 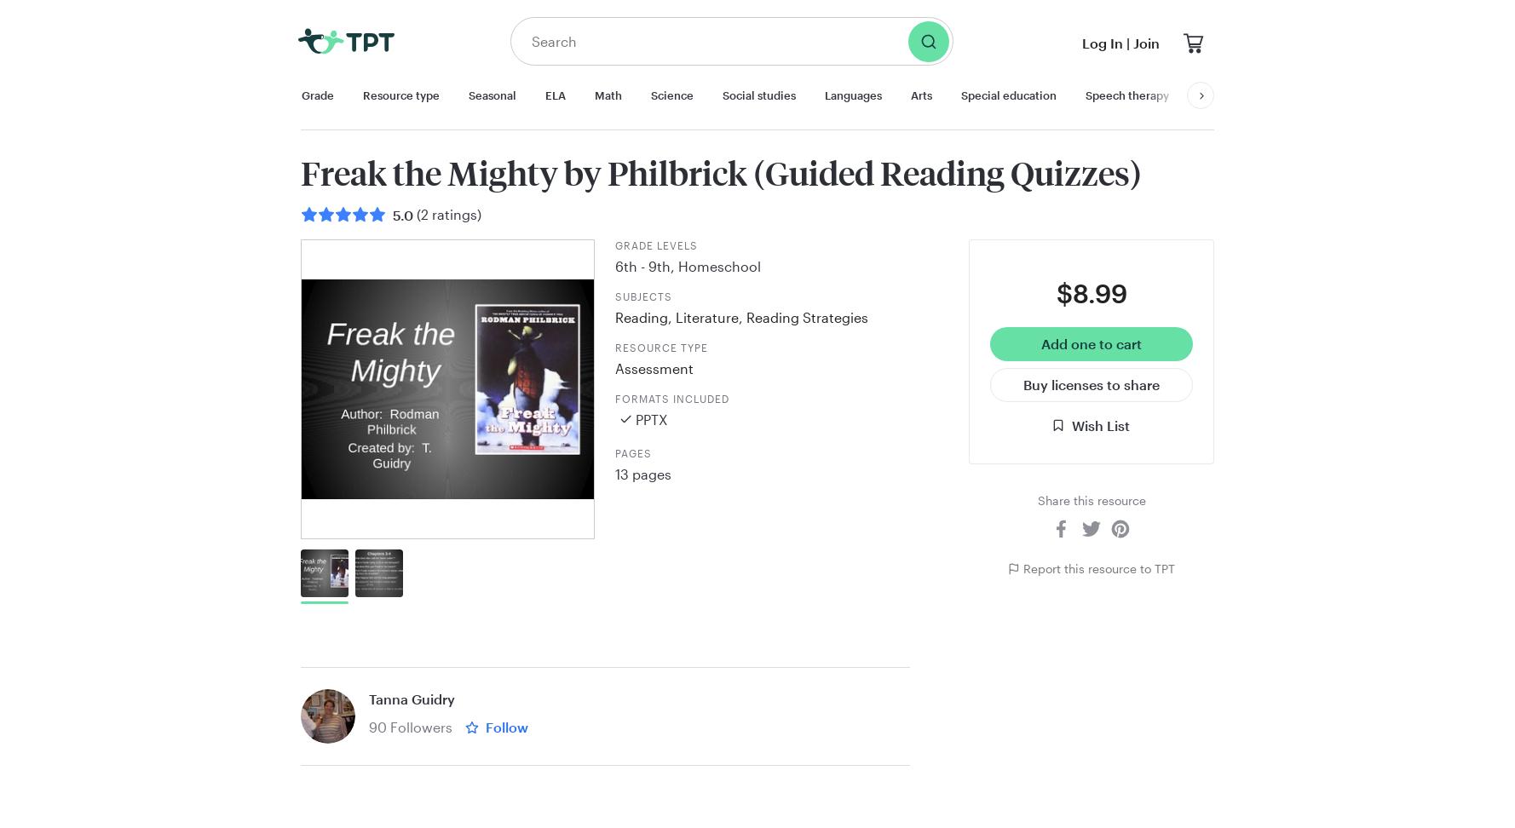 What do you see at coordinates (1092, 343) in the screenshot?
I see `'Add one to cart'` at bounding box center [1092, 343].